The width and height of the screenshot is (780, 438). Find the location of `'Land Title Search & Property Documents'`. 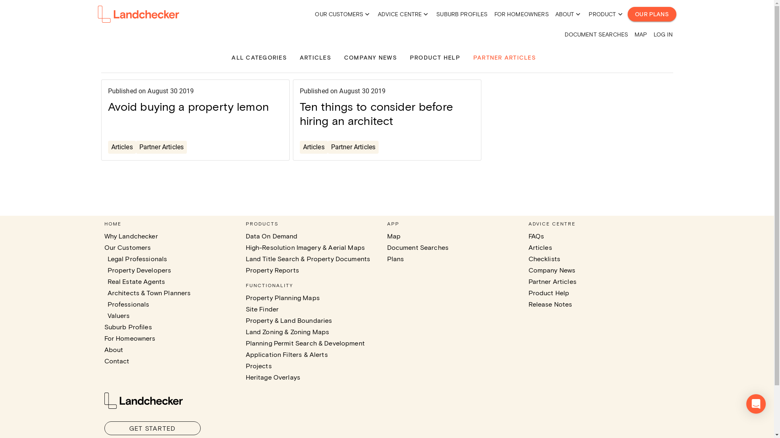

'Land Title Search & Property Documents' is located at coordinates (307, 259).